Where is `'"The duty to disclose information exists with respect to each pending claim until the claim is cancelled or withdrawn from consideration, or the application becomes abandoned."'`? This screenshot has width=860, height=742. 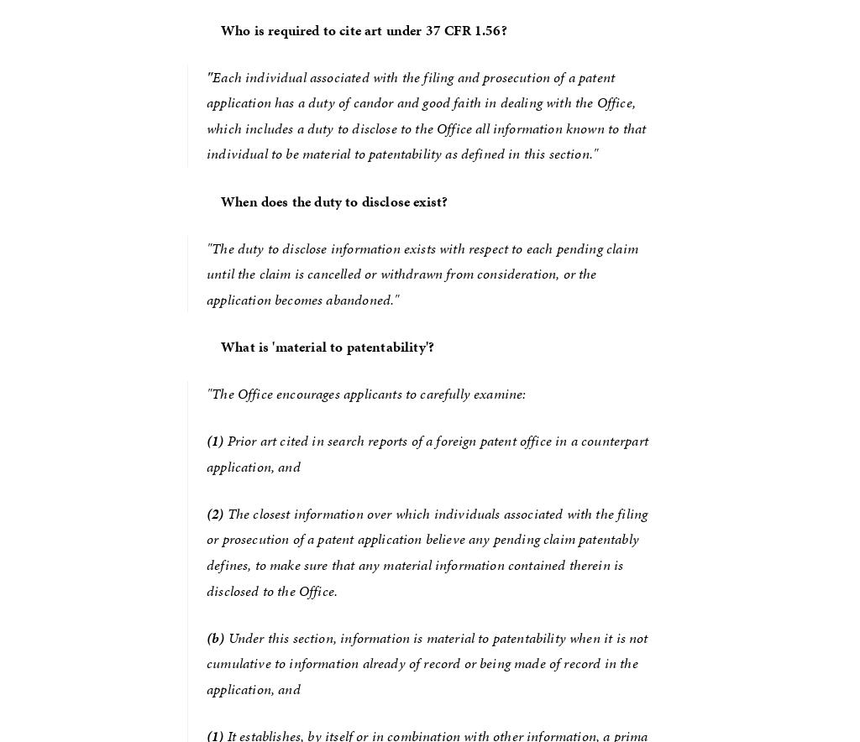
'"The duty to disclose information exists with respect to each pending claim until the claim is cancelled or withdrawn from consideration, or the application becomes abandoned."' is located at coordinates (423, 273).